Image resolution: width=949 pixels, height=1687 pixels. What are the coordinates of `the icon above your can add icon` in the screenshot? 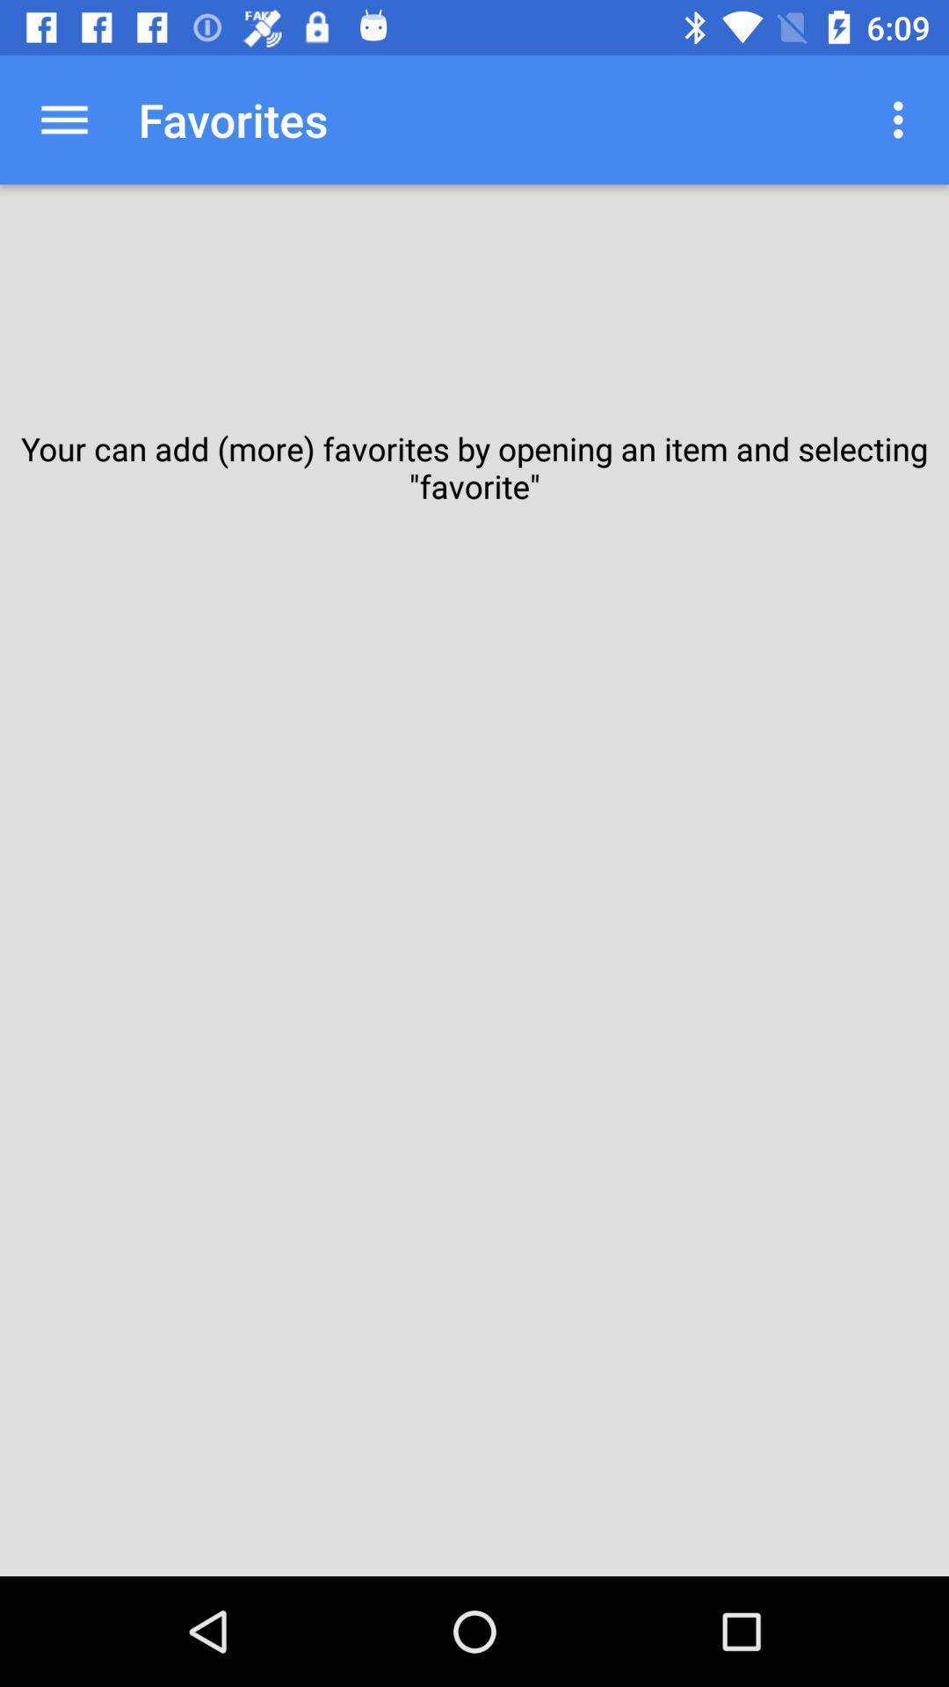 It's located at (63, 119).